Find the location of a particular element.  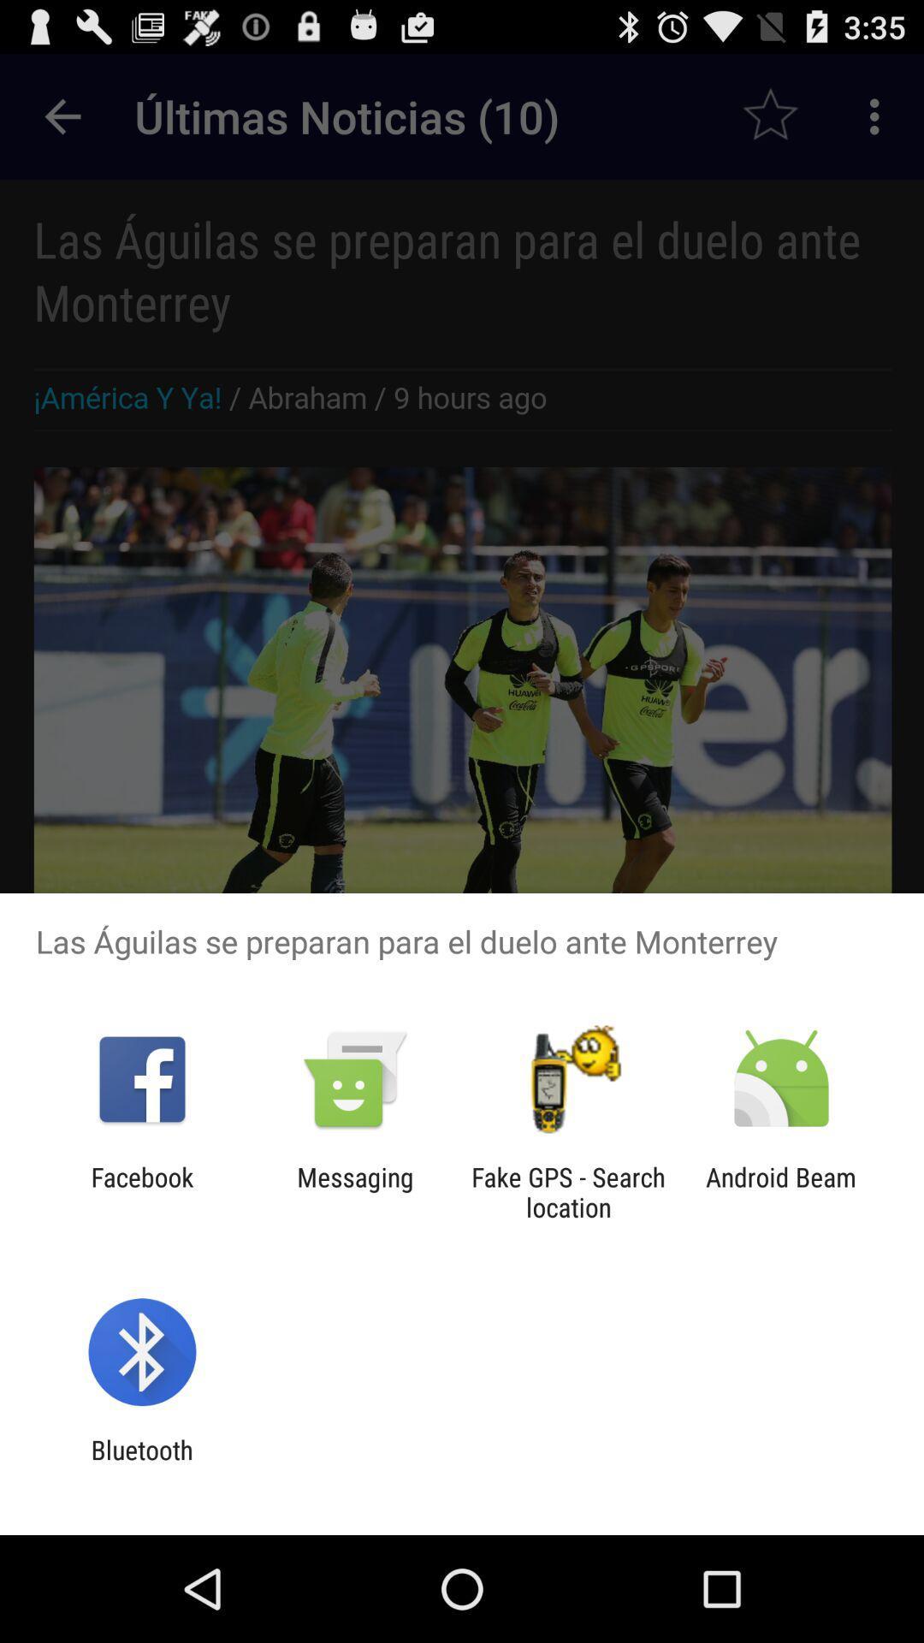

item to the right of the facebook item is located at coordinates (354, 1191).